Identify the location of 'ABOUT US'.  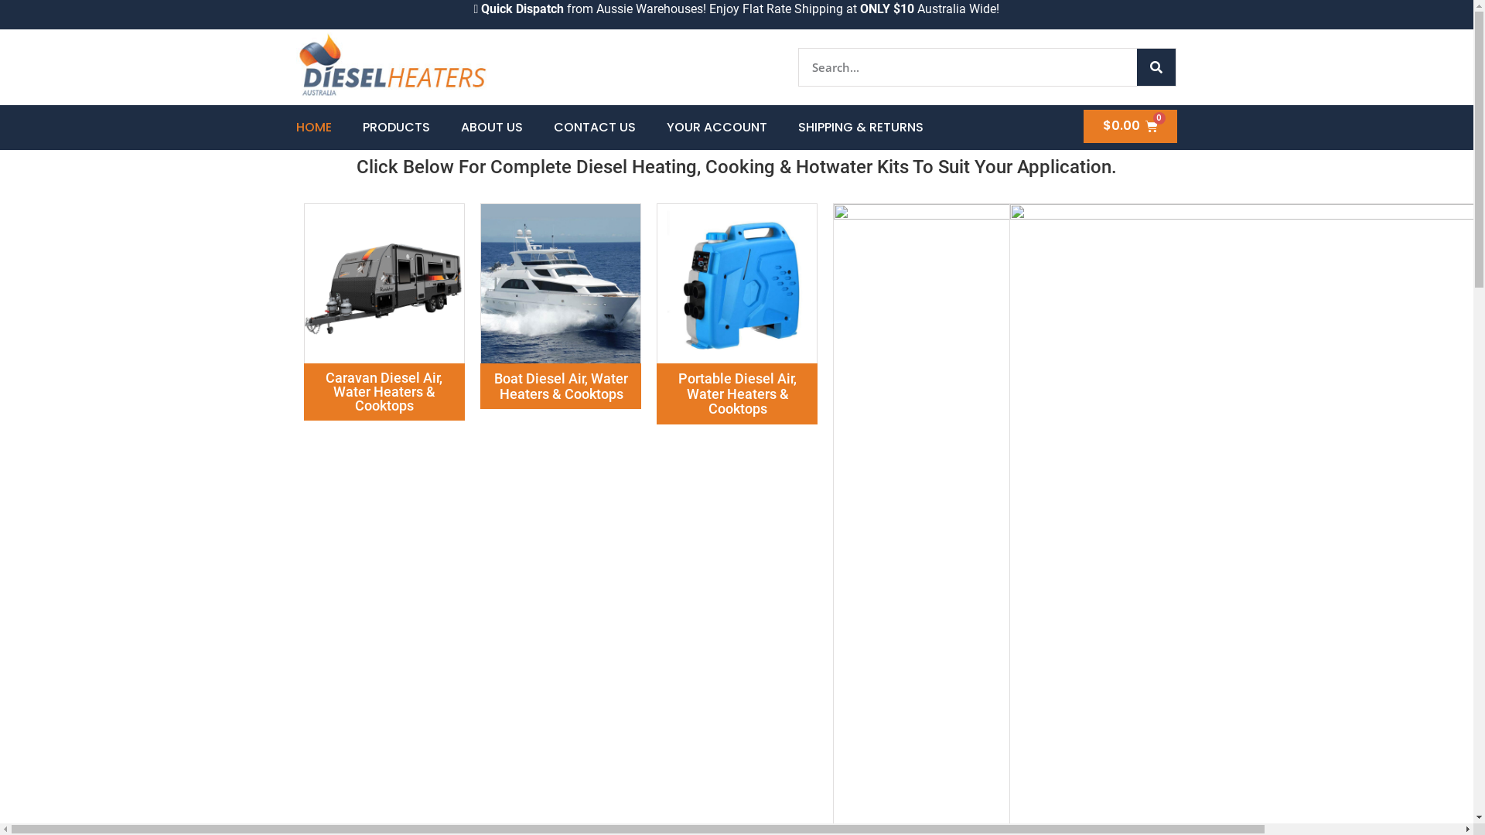
(490, 127).